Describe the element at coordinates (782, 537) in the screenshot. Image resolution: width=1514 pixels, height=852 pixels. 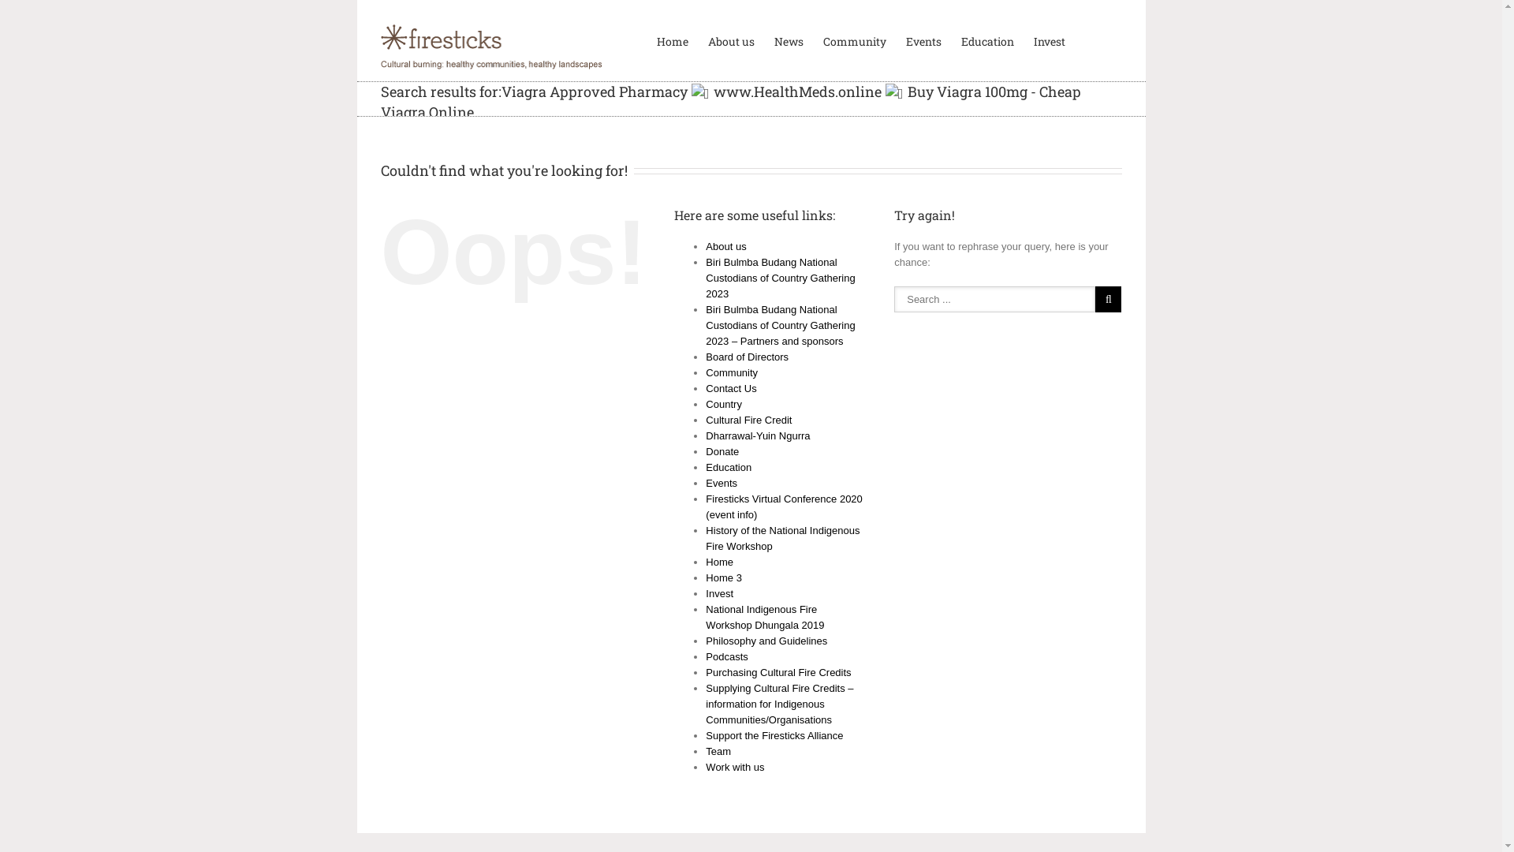
I see `'History of the National Indigenous Fire Workshop'` at that location.